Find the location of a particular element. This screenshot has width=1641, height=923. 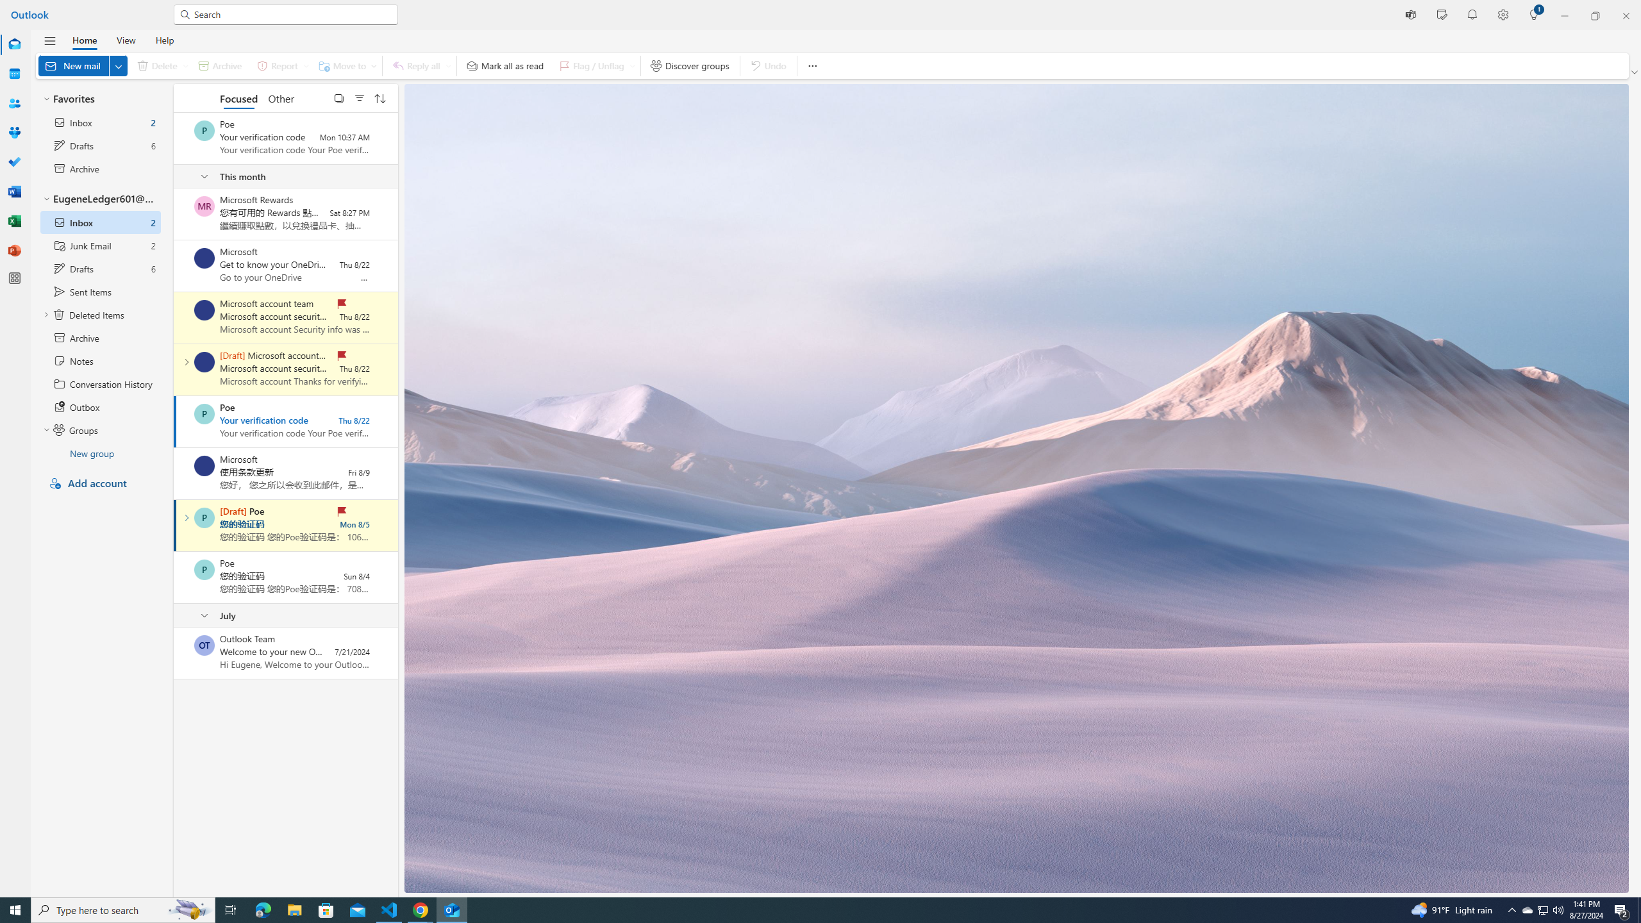

'Excel' is located at coordinates (15, 220).